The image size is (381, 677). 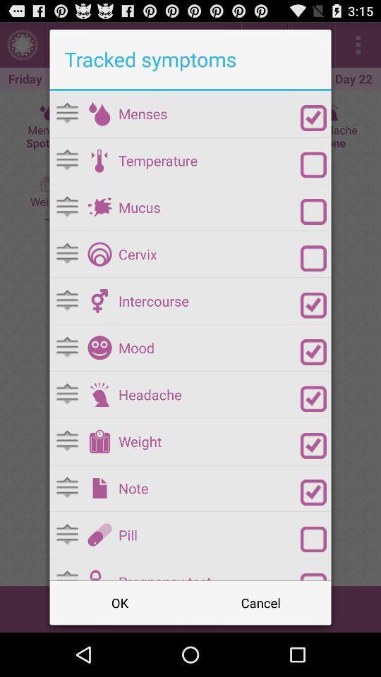 What do you see at coordinates (99, 160) in the screenshot?
I see `temperature` at bounding box center [99, 160].